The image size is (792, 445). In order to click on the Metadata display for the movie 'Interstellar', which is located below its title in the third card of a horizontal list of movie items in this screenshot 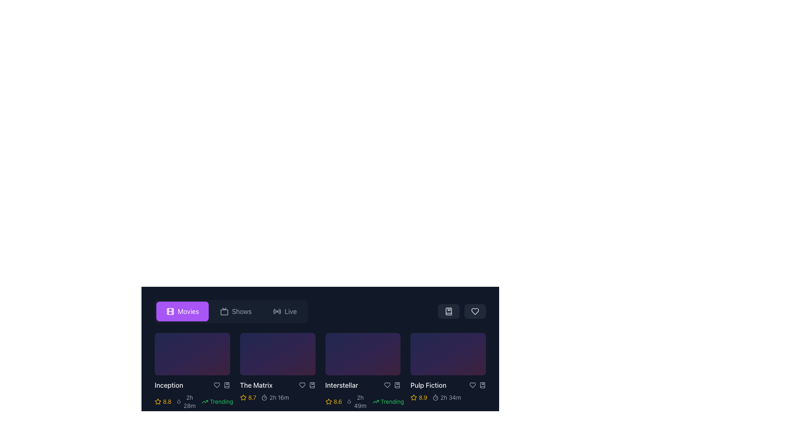, I will do `click(363, 394)`.